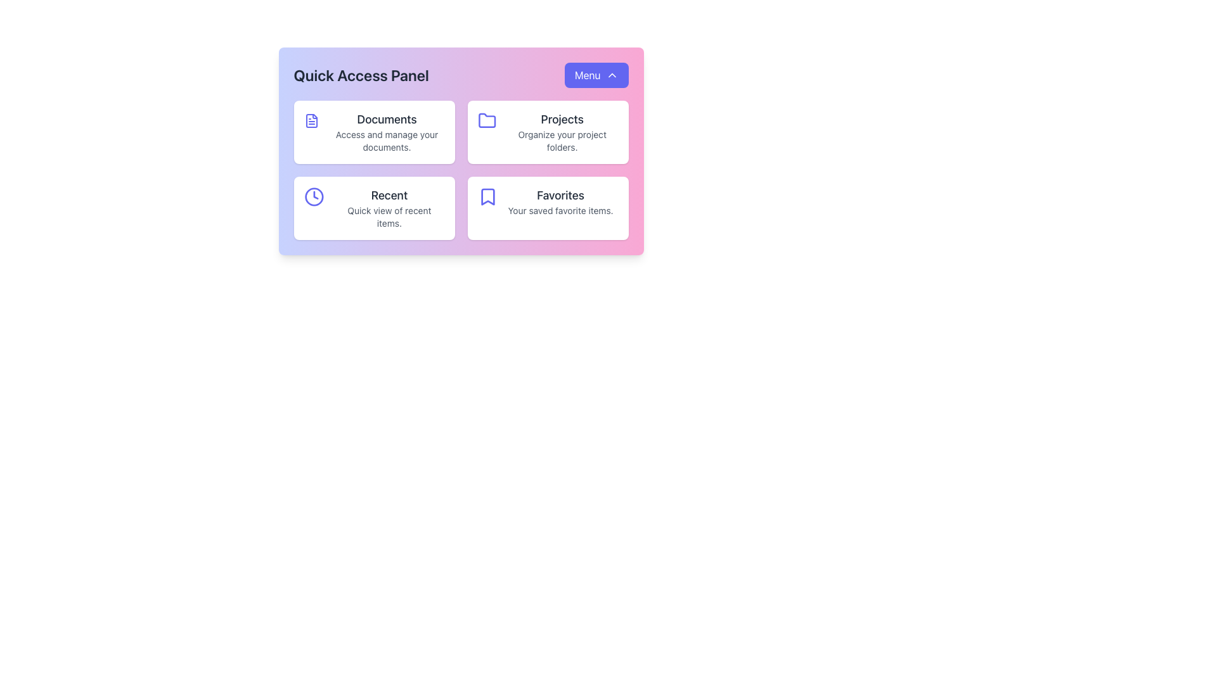 The height and width of the screenshot is (684, 1217). Describe the element at coordinates (487, 197) in the screenshot. I see `the bookmark-shaped icon in the 'Favorites' section of the interface, which is outlined and styled consistently with other icons like the clock and folder` at that location.